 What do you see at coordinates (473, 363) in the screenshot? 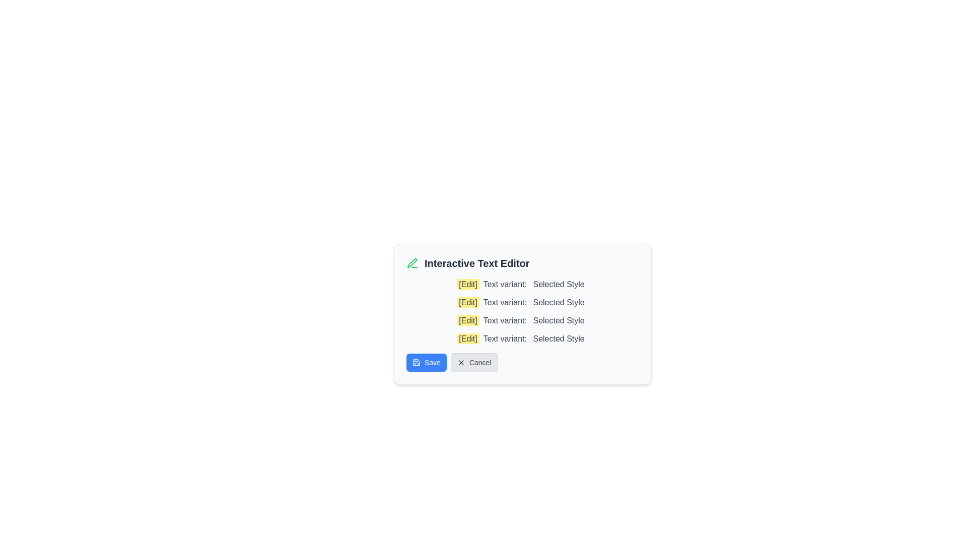
I see `the 'Cancel' button, which is a rectangular button with rounded corners containing a small 'X' icon and the text 'Cancel', located at the bottom of the 'Interactive Text Editor' panel` at bounding box center [473, 363].